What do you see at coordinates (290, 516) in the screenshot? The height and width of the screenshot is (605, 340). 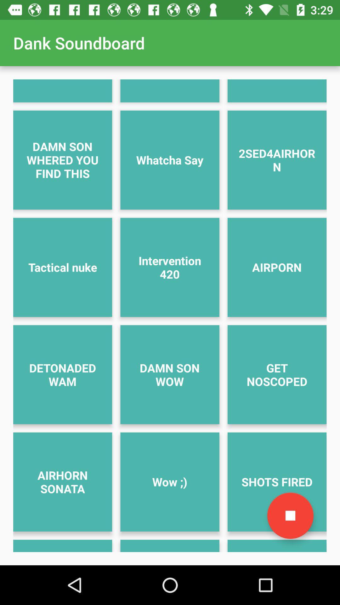 I see `stop sound` at bounding box center [290, 516].